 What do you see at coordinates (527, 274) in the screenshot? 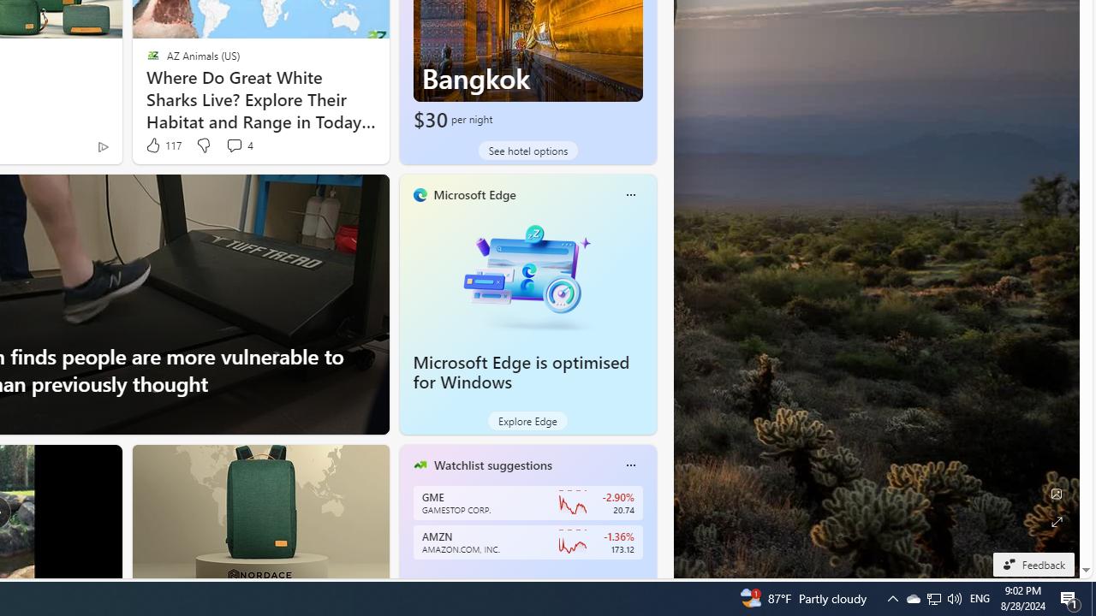
I see `'Microsoft Edge is optimised for Windows'` at bounding box center [527, 274].